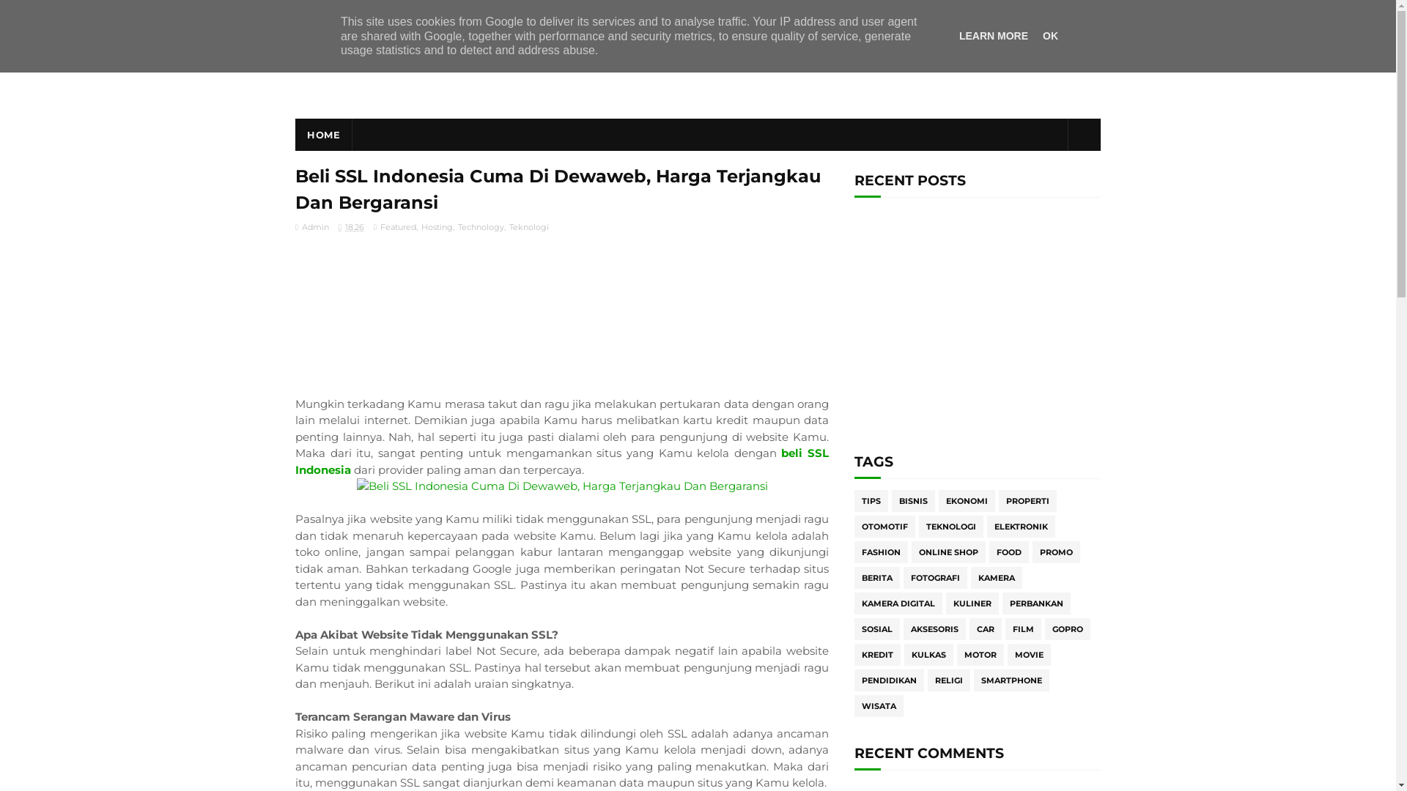  I want to click on 'KAMERA DIGITAL', so click(897, 604).